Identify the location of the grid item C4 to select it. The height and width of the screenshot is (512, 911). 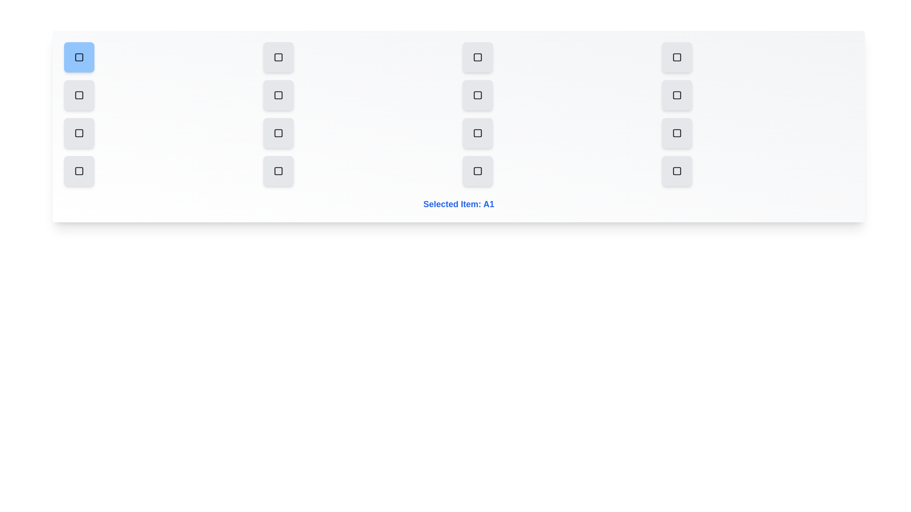
(676, 133).